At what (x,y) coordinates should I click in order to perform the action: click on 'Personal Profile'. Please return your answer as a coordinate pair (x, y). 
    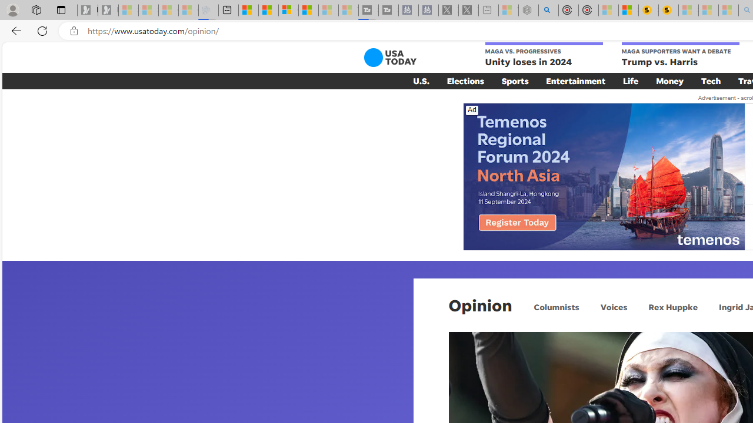
    Looking at the image, I should click on (12, 9).